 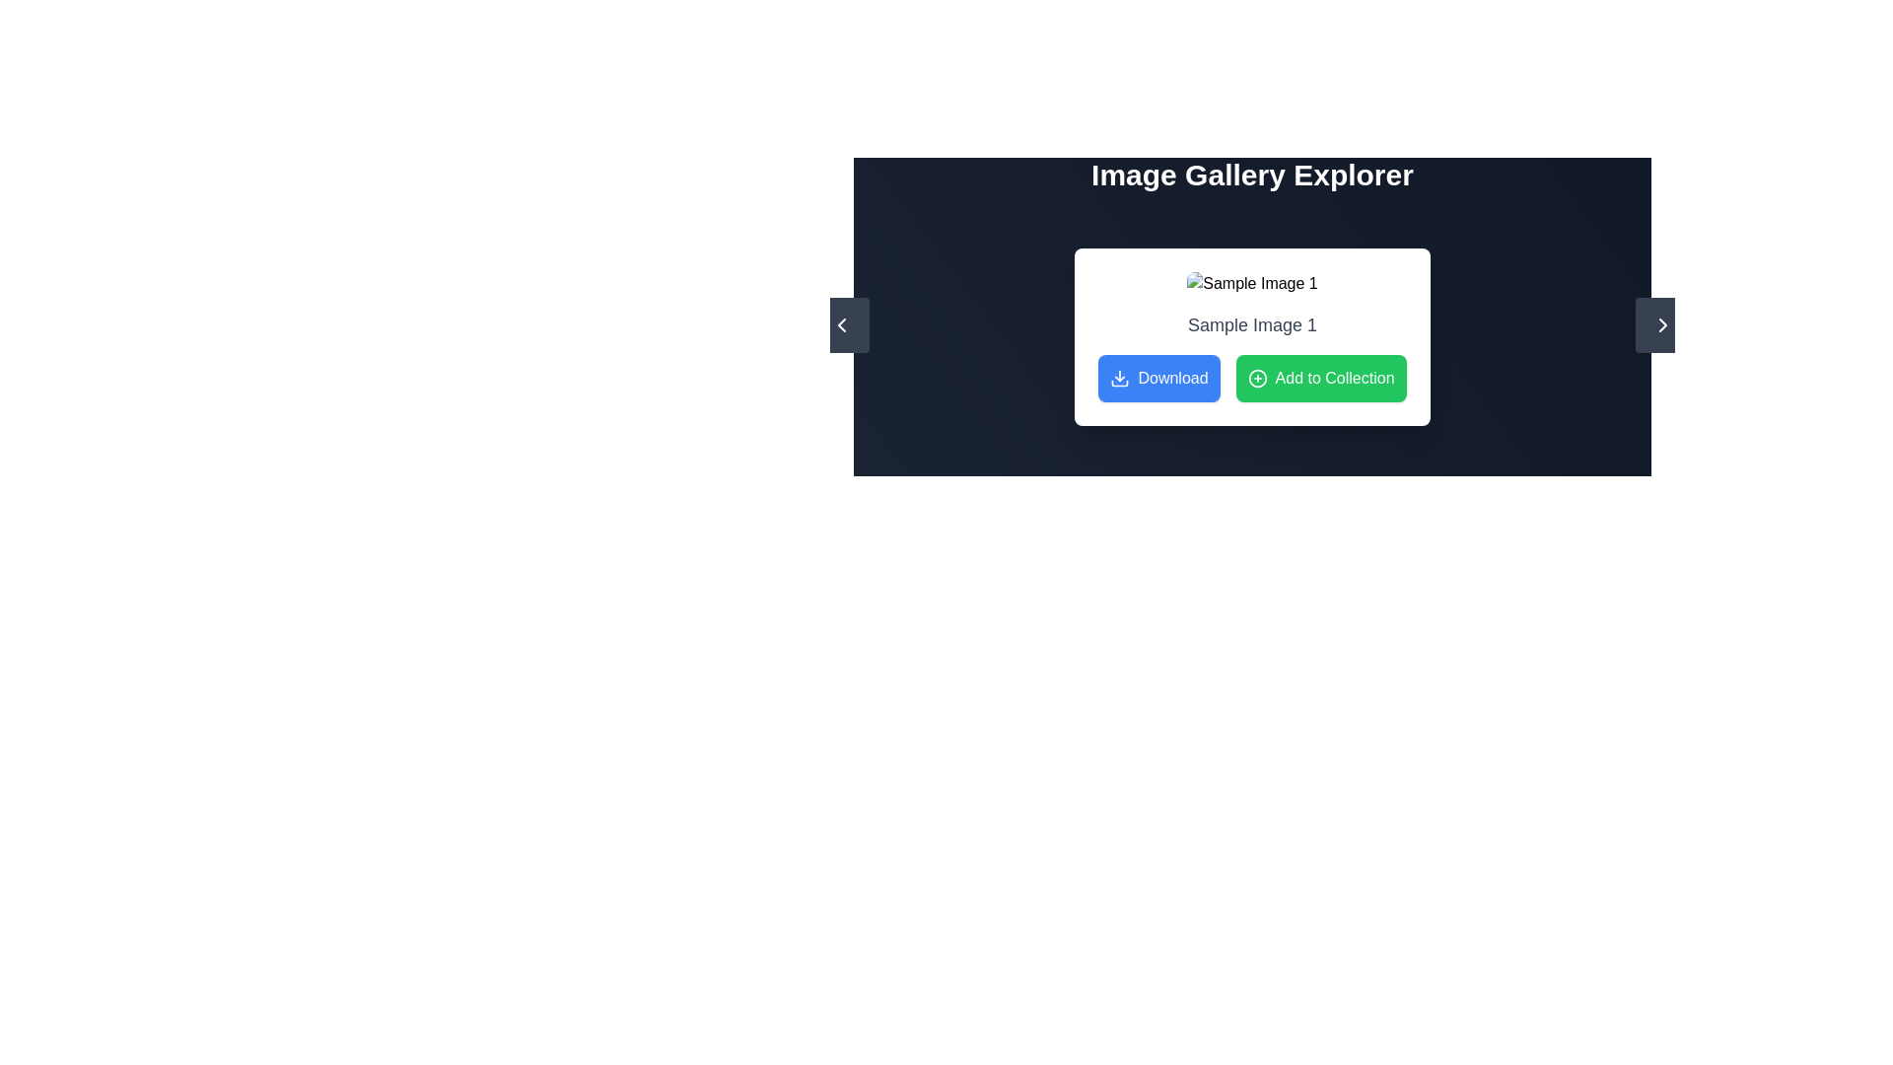 I want to click on the previous item navigation button located on the left side of the image gallery interface, so click(x=842, y=324).